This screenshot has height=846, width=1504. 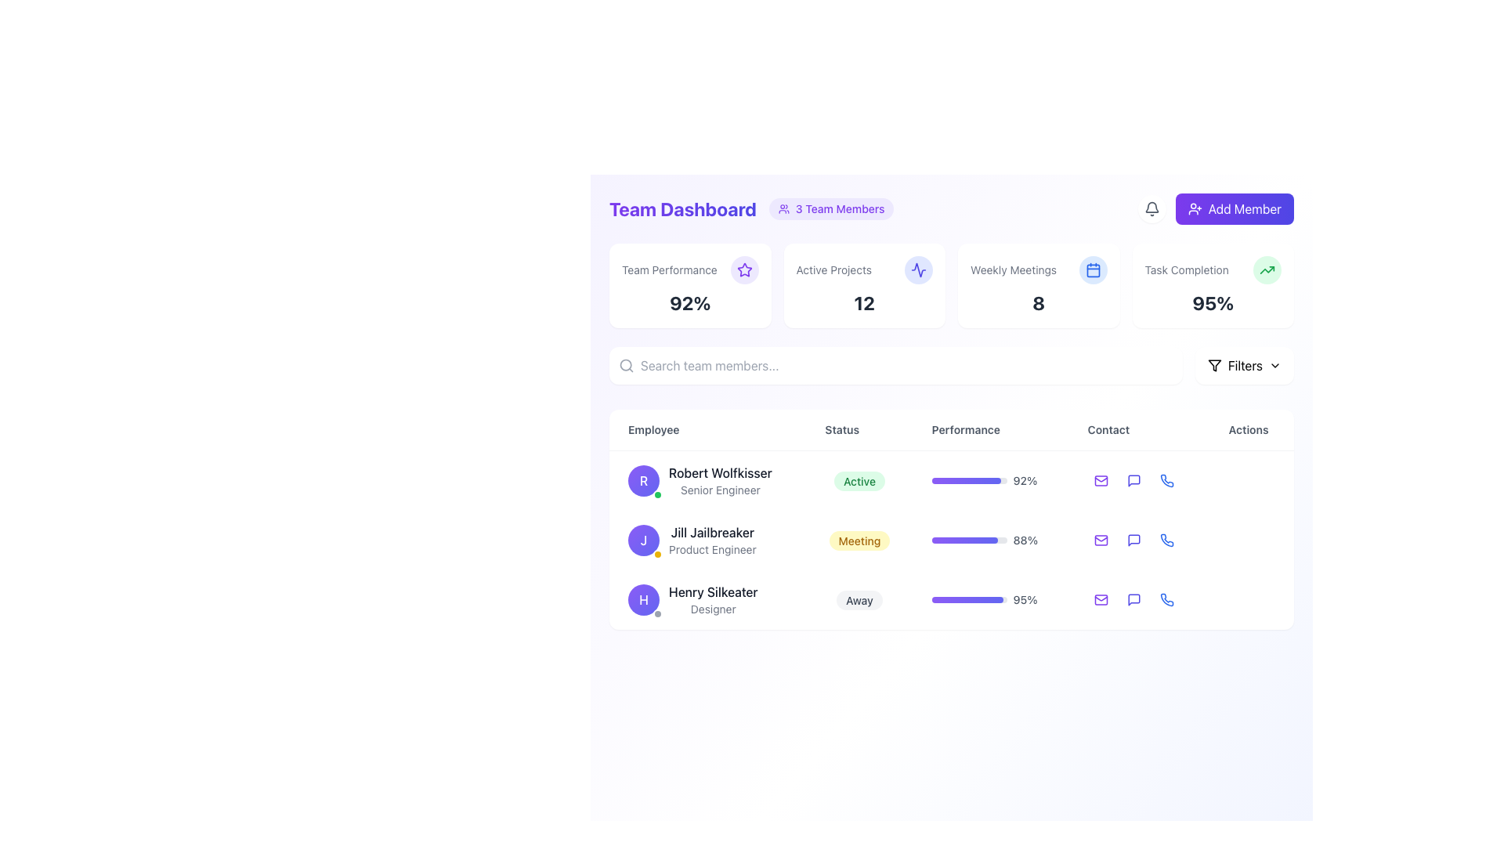 What do you see at coordinates (711, 531) in the screenshot?
I see `the text label displaying 'Jill Jailbreaker' in the second row of the employee roster` at bounding box center [711, 531].